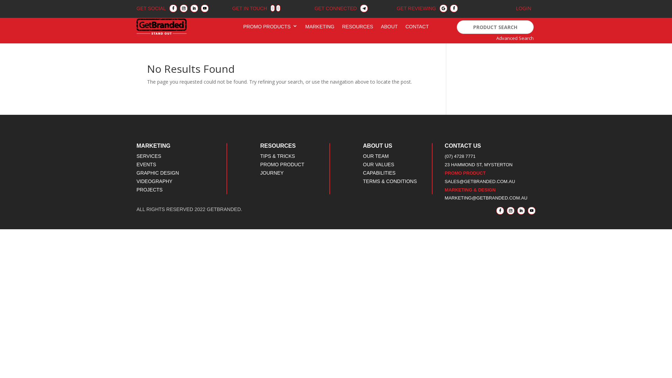  Describe the element at coordinates (389, 28) in the screenshot. I see `'ABOUT'` at that location.